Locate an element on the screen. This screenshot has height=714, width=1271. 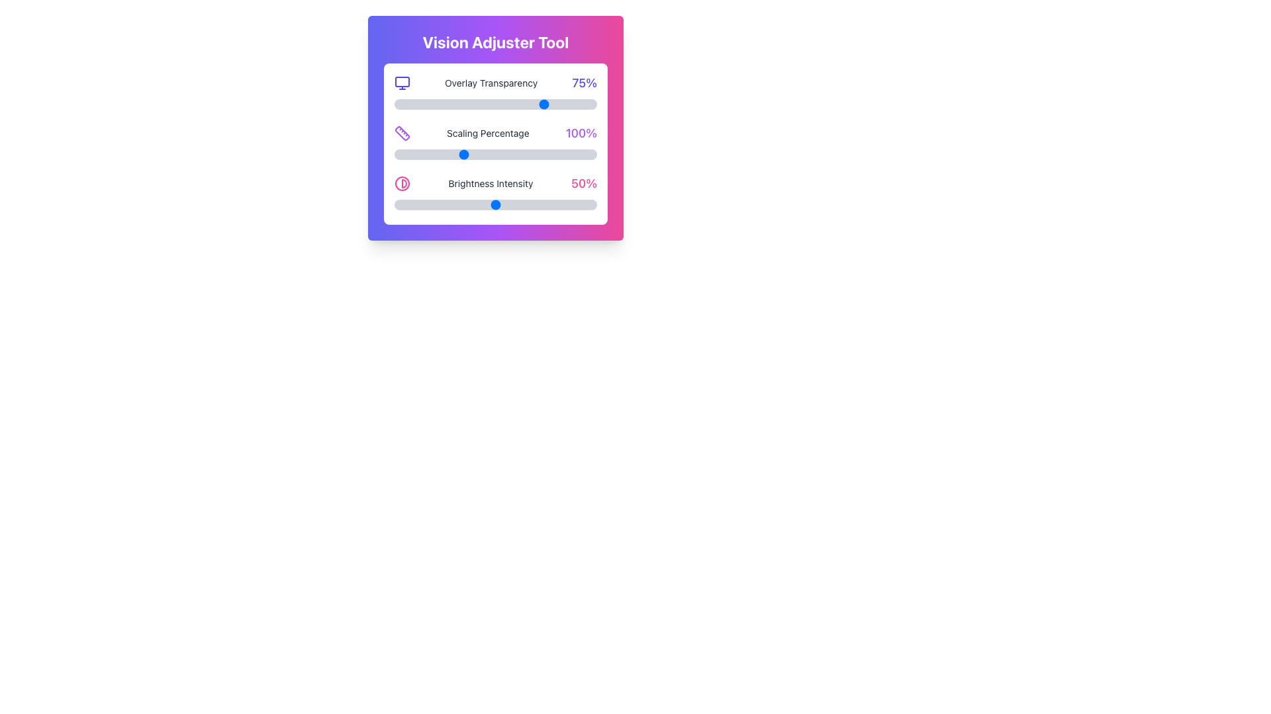
the scaling percentage is located at coordinates (590, 154).